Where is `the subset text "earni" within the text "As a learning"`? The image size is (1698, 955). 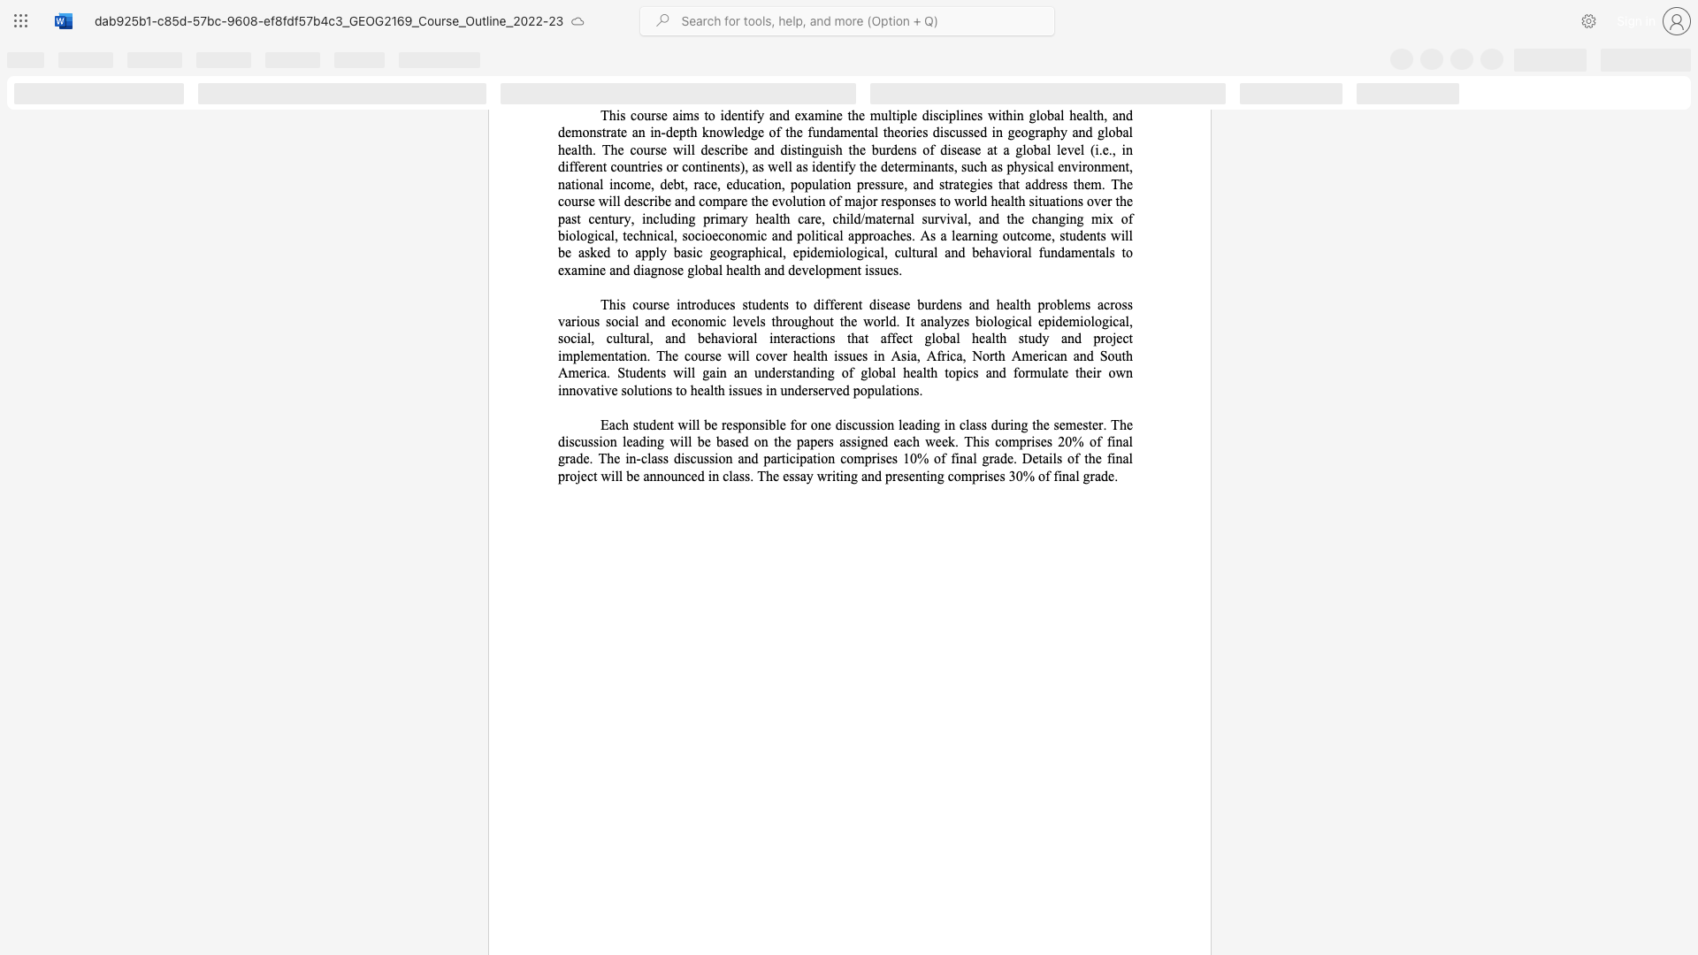
the subset text "earni" within the text "As a learning" is located at coordinates (954, 234).